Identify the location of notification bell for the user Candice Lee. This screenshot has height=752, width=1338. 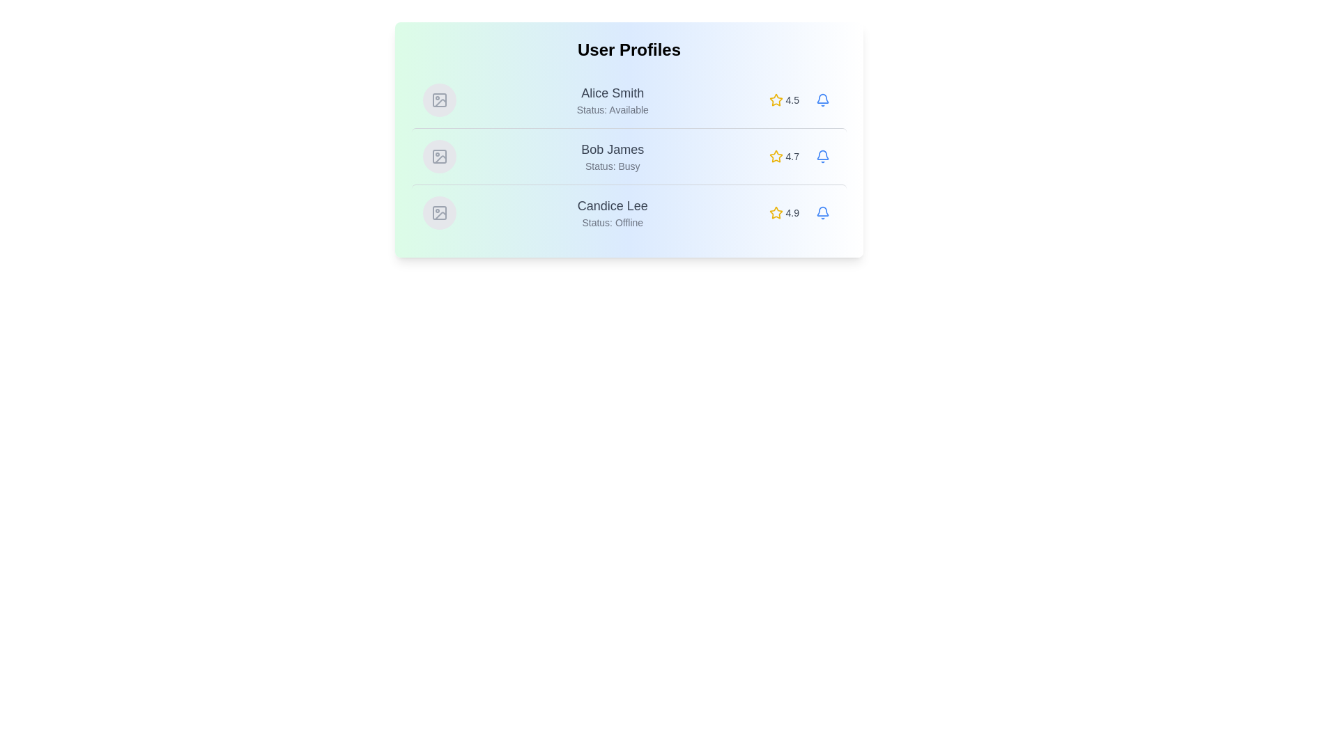
(822, 212).